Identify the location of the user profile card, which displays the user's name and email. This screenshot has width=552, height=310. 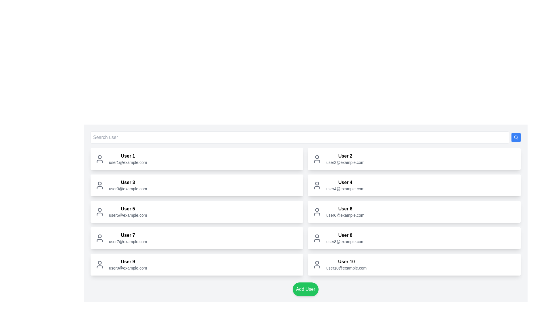
(414, 185).